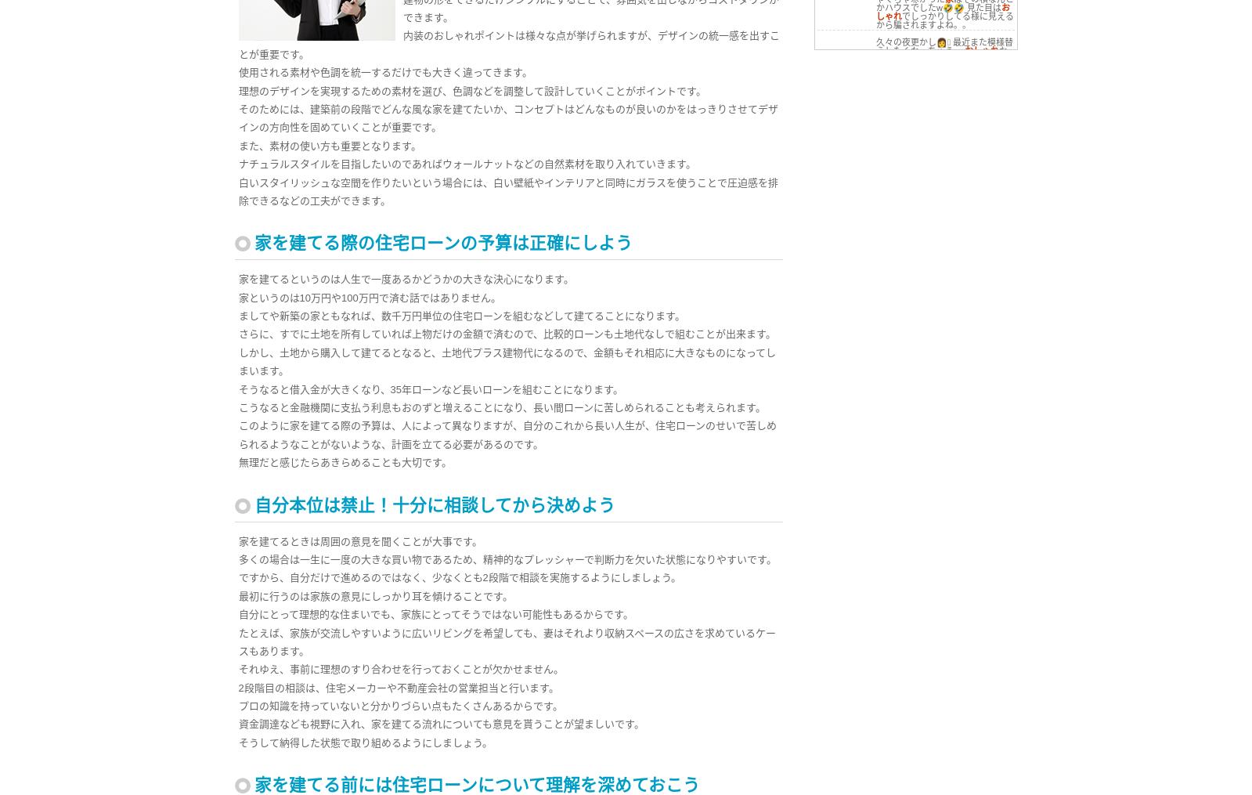 The width and height of the screenshot is (1252, 795). What do you see at coordinates (915, 113) in the screenshot?
I see `'> 家を建てるときには親身に相談に応じてくれる担当者がいる業者へ'` at bounding box center [915, 113].